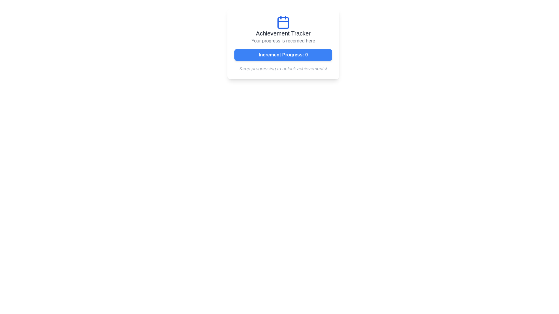 This screenshot has width=559, height=314. Describe the element at coordinates (283, 68) in the screenshot. I see `the static text displaying the message 'Keep progressing to unlock achievements!' which is located below the button labeled 'Increment Progress: 0' in the 'Achievement Tracker' card` at that location.